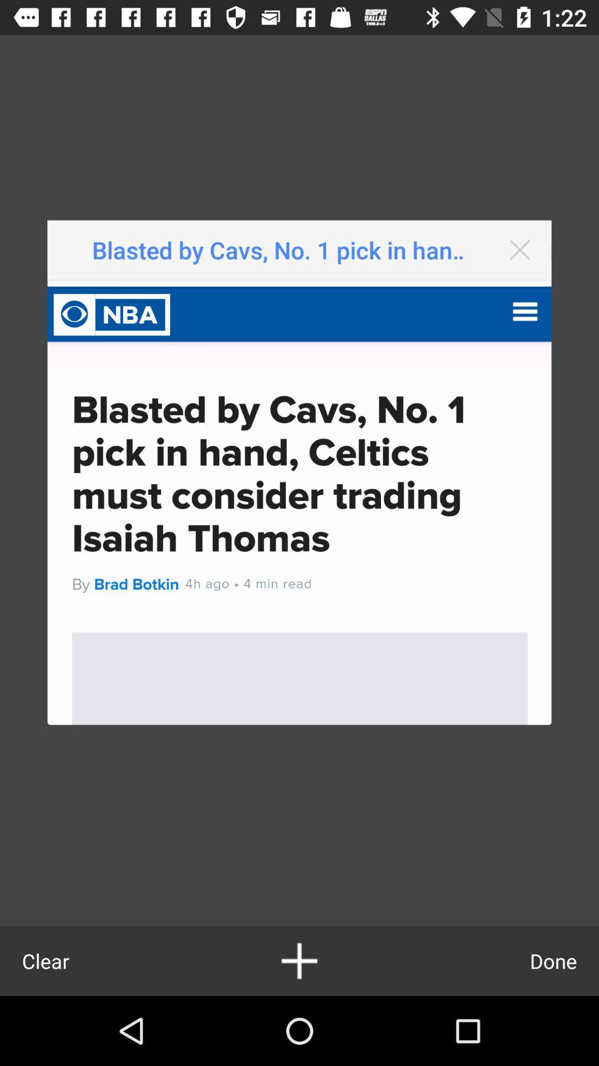 The height and width of the screenshot is (1066, 599). What do you see at coordinates (553, 961) in the screenshot?
I see `app at the bottom right corner` at bounding box center [553, 961].